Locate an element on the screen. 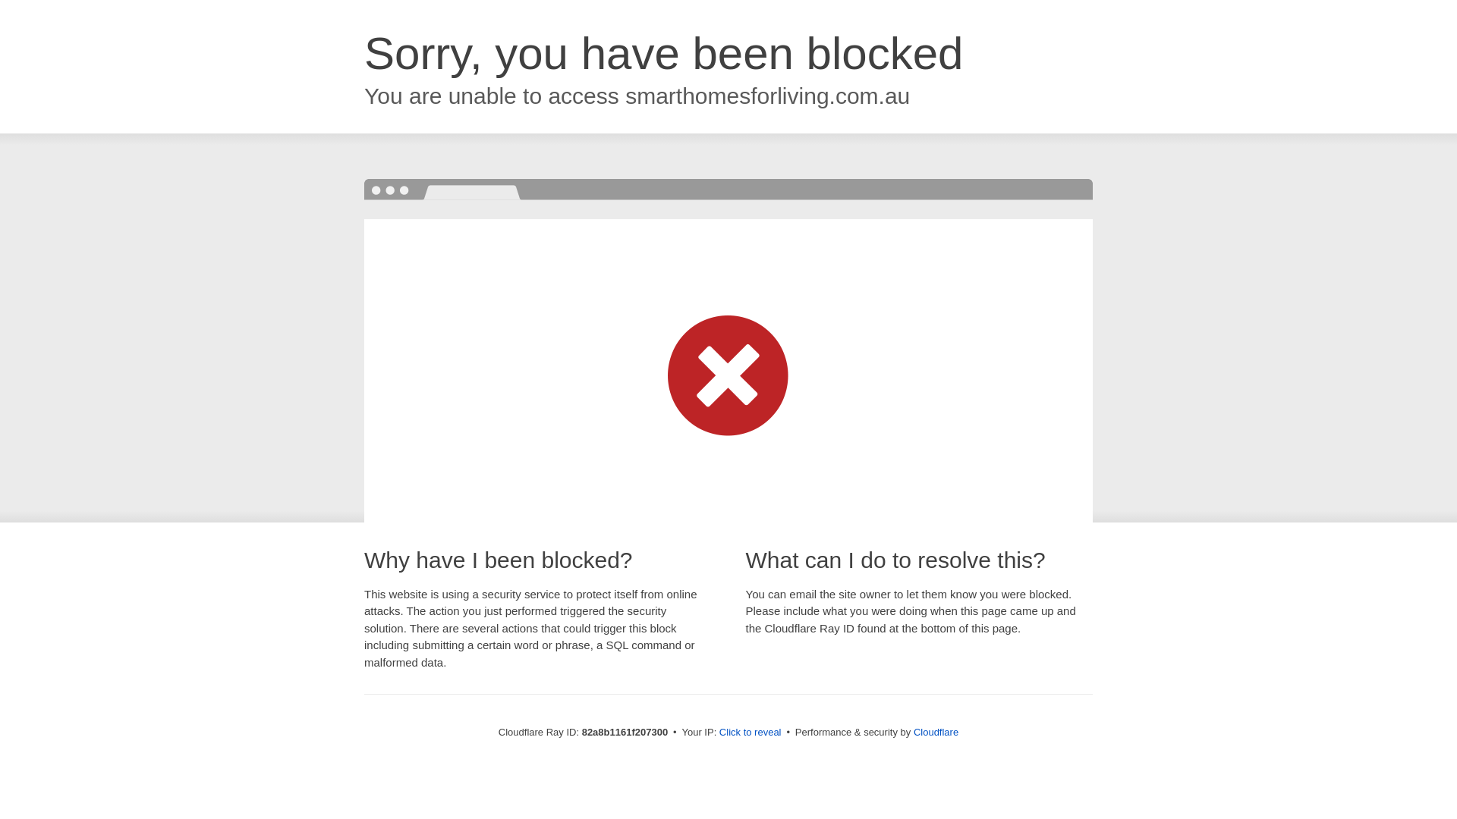  'Cloudflare' is located at coordinates (935, 731).